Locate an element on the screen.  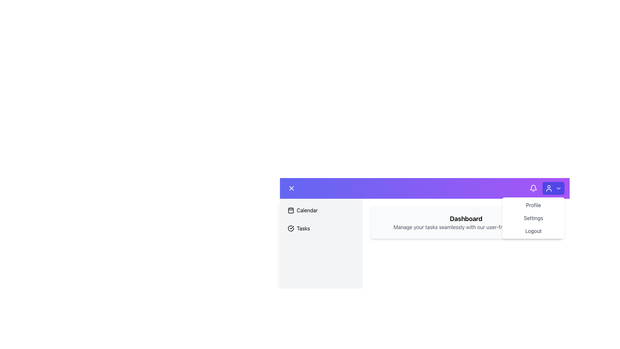
the 'Calendar' item in the vertical list of clickable menu items is located at coordinates (321, 219).